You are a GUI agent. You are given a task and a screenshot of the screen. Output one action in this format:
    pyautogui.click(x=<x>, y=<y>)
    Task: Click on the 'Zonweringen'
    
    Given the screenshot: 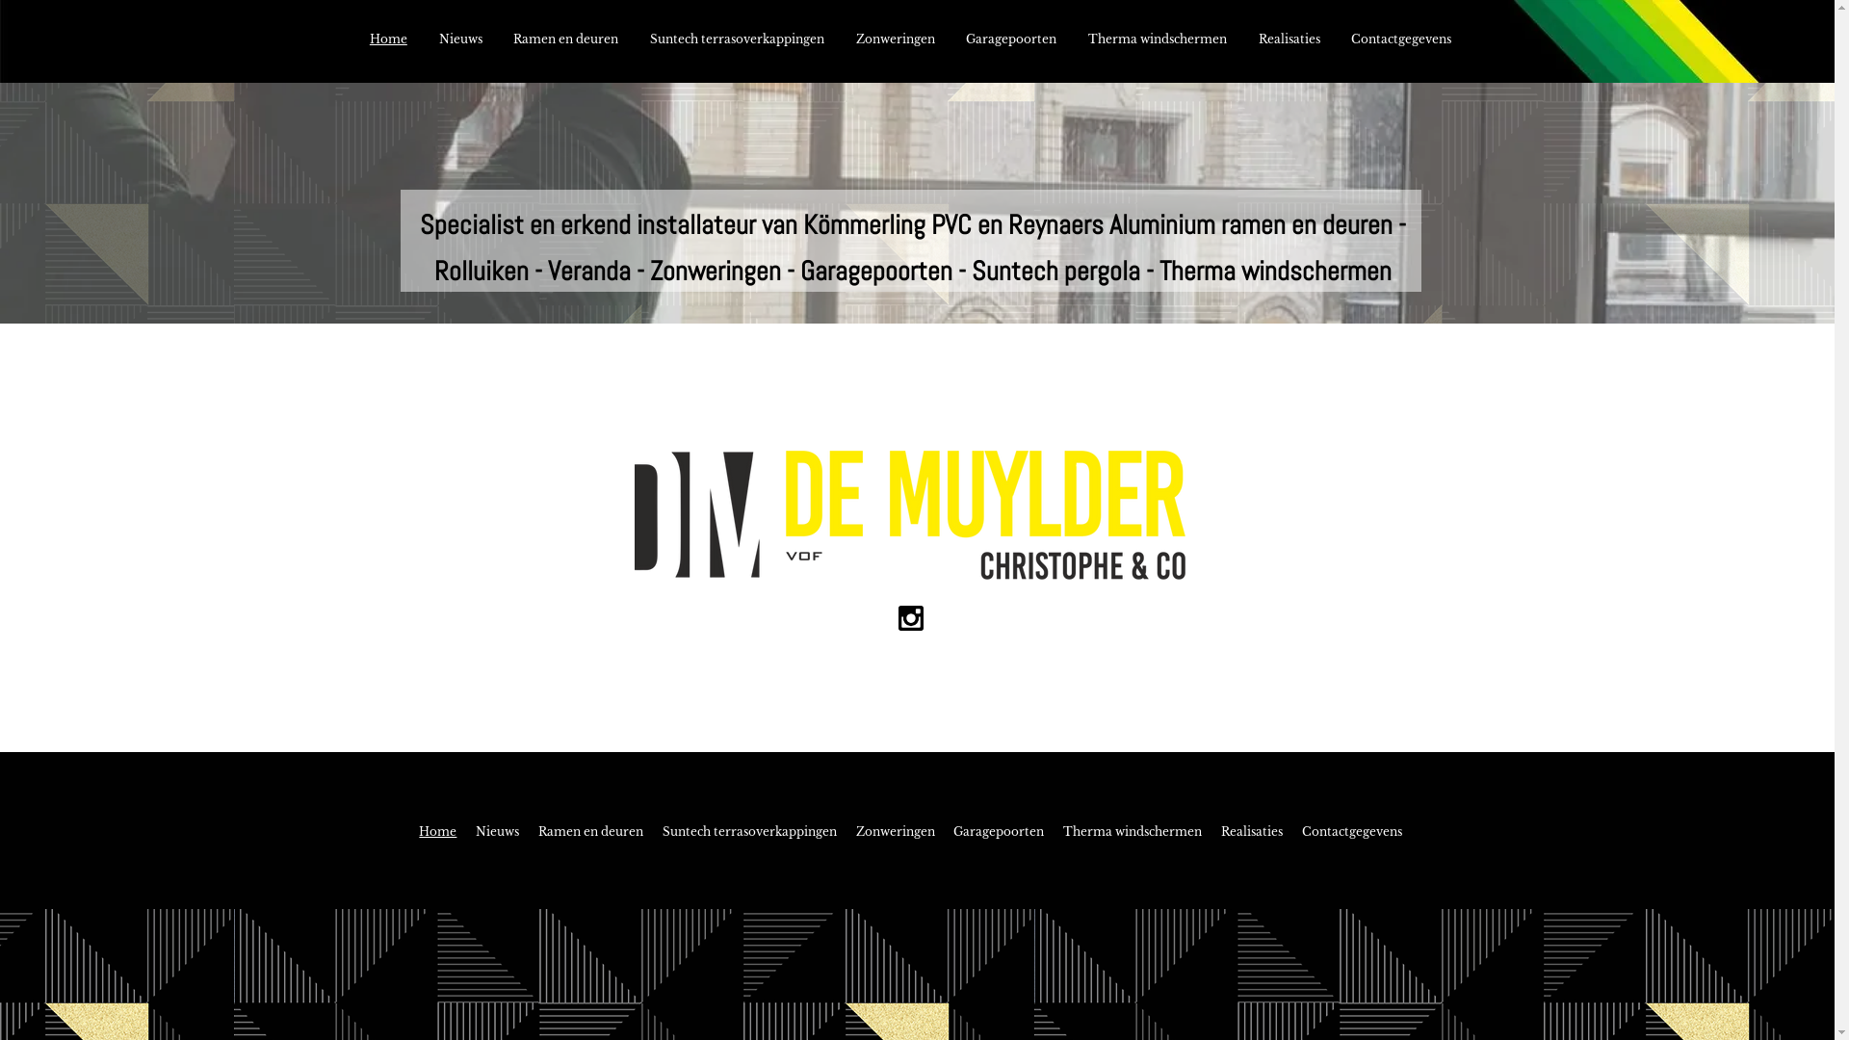 What is the action you would take?
    pyautogui.click(x=895, y=831)
    